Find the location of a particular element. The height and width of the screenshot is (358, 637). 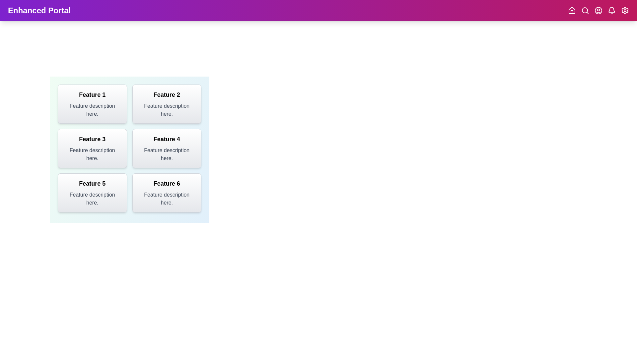

the navigation icon home to see its hover effect is located at coordinates (571, 10).